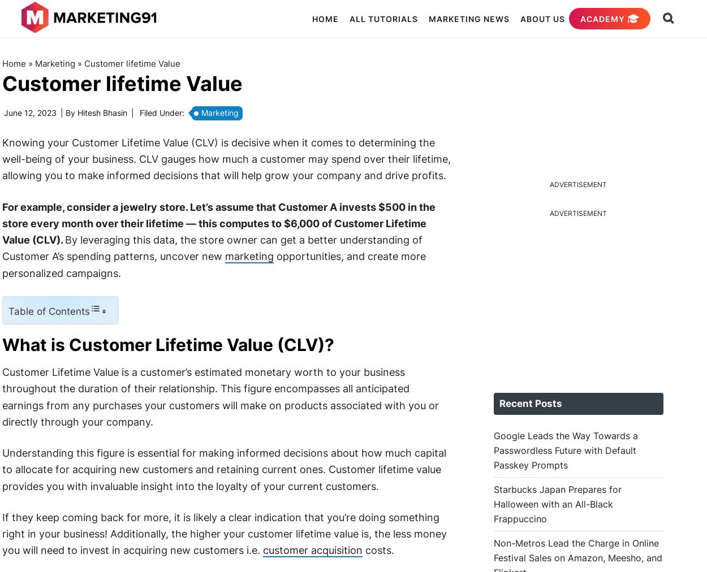 The width and height of the screenshot is (707, 572). Describe the element at coordinates (557, 503) in the screenshot. I see `'Starbucks Japan Prepares for Halloween with an All-Black Frappuccino'` at that location.